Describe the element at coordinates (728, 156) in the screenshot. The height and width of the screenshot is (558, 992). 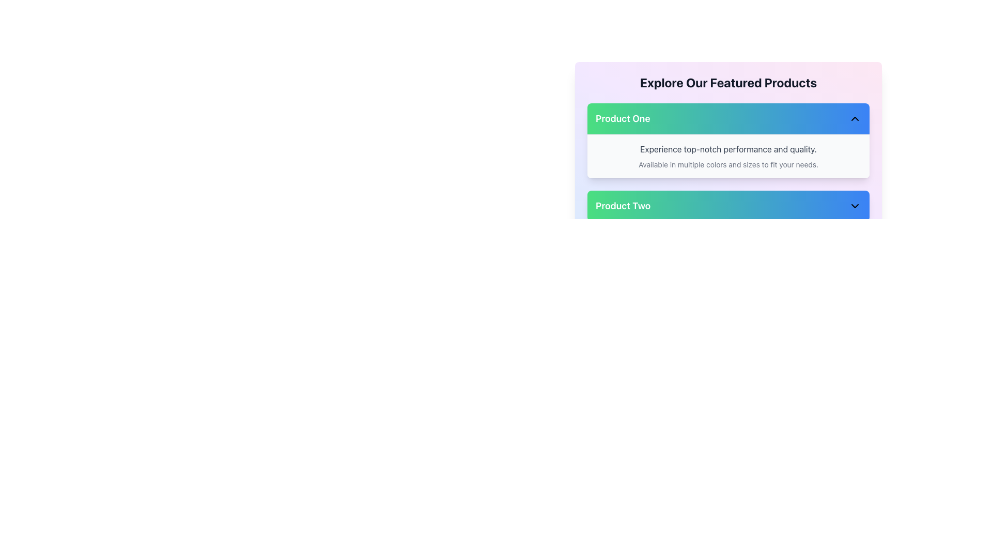
I see `descriptive information about 'Product One' from the Text block located beneath the 'Product One' header and directly below the chevron icon` at that location.